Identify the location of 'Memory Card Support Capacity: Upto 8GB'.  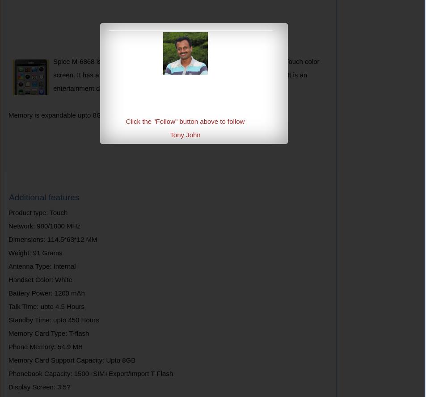
(71, 360).